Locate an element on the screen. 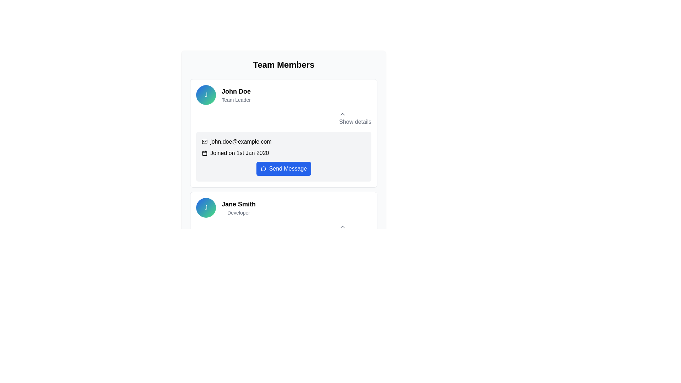  the circular icon with a speech bubble outline located inside the blue rectangular 'Send Message' button in John Doe's profile section under 'Team Members' is located at coordinates (263, 168).